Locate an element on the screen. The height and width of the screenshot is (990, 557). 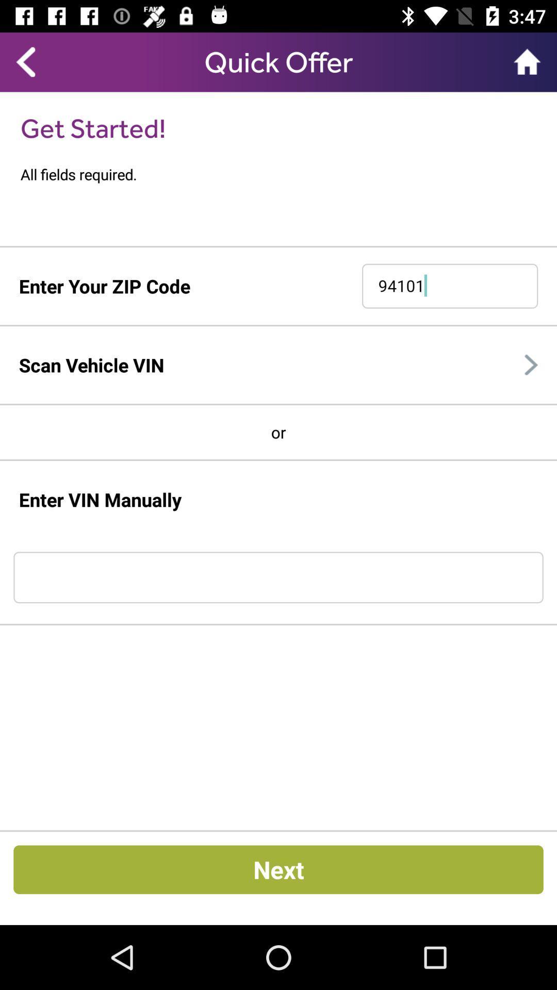
type the text bar is located at coordinates (278, 577).